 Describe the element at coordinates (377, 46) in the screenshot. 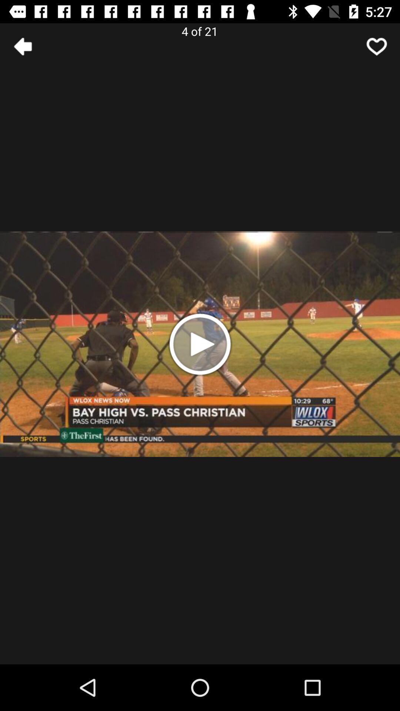

I see `click arrow button` at that location.